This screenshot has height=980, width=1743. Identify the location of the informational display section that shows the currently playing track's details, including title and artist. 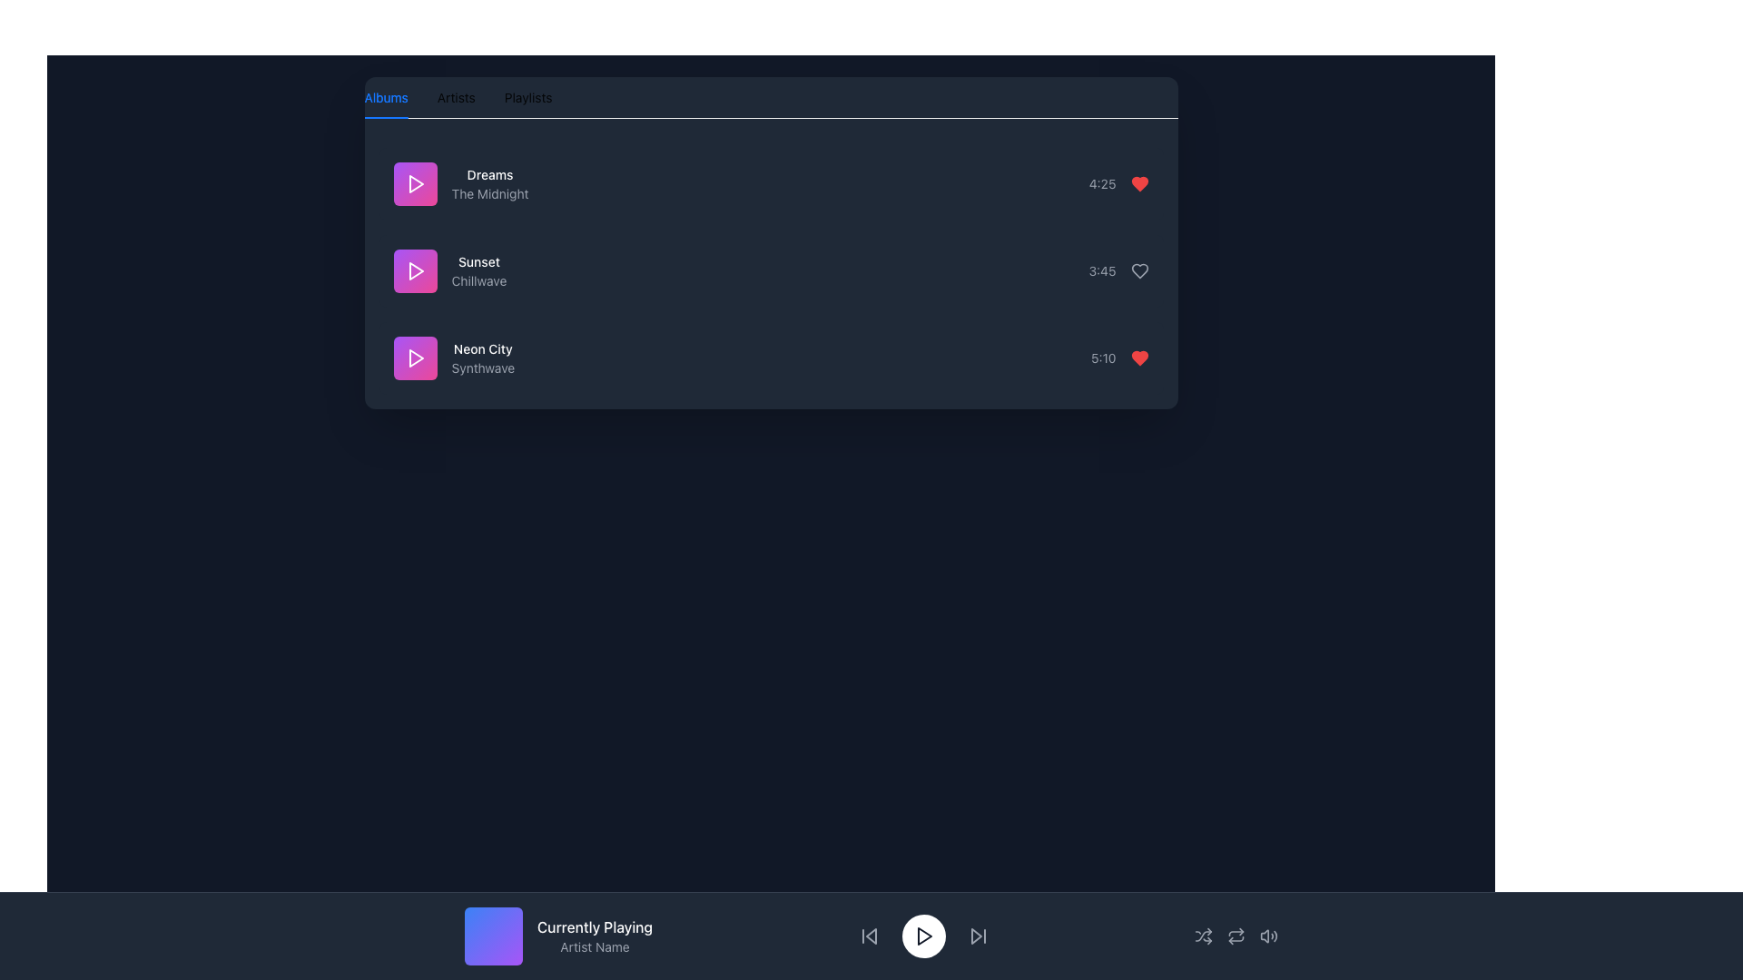
(871, 936).